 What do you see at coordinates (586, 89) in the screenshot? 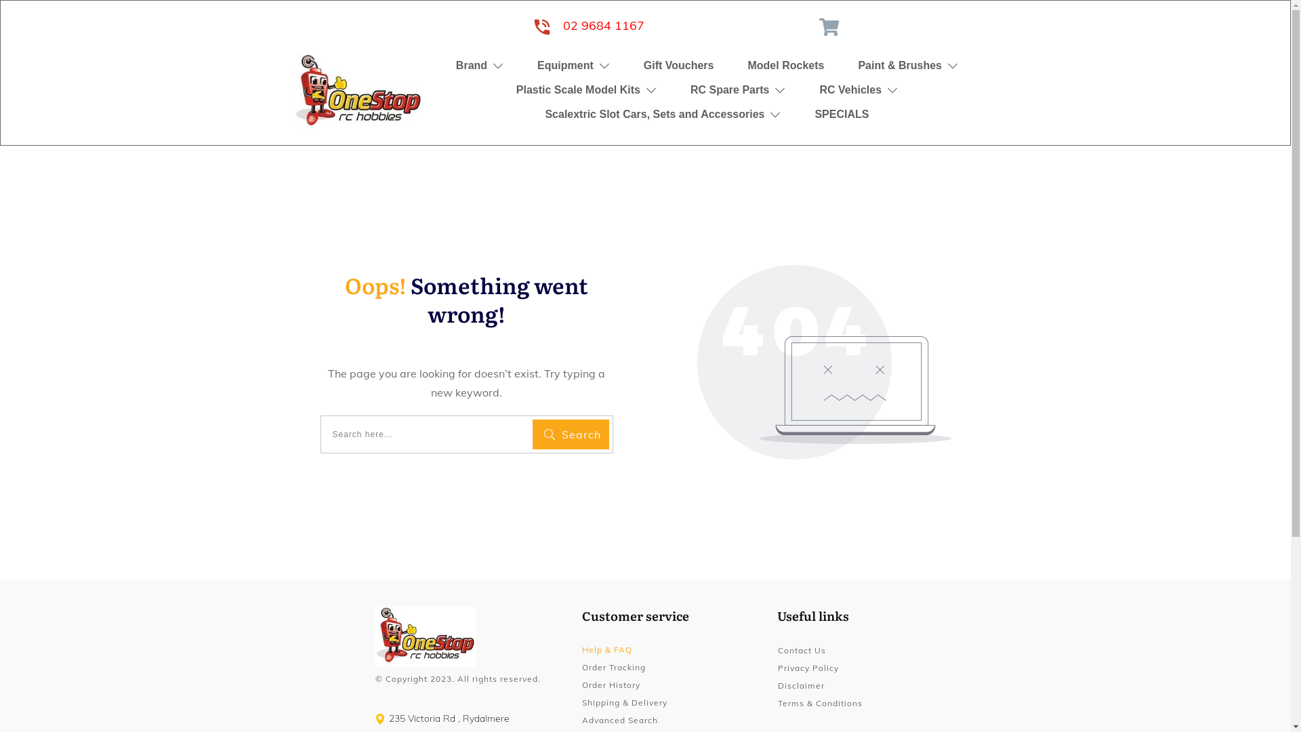
I see `'Plastic Scale Model Kits'` at bounding box center [586, 89].